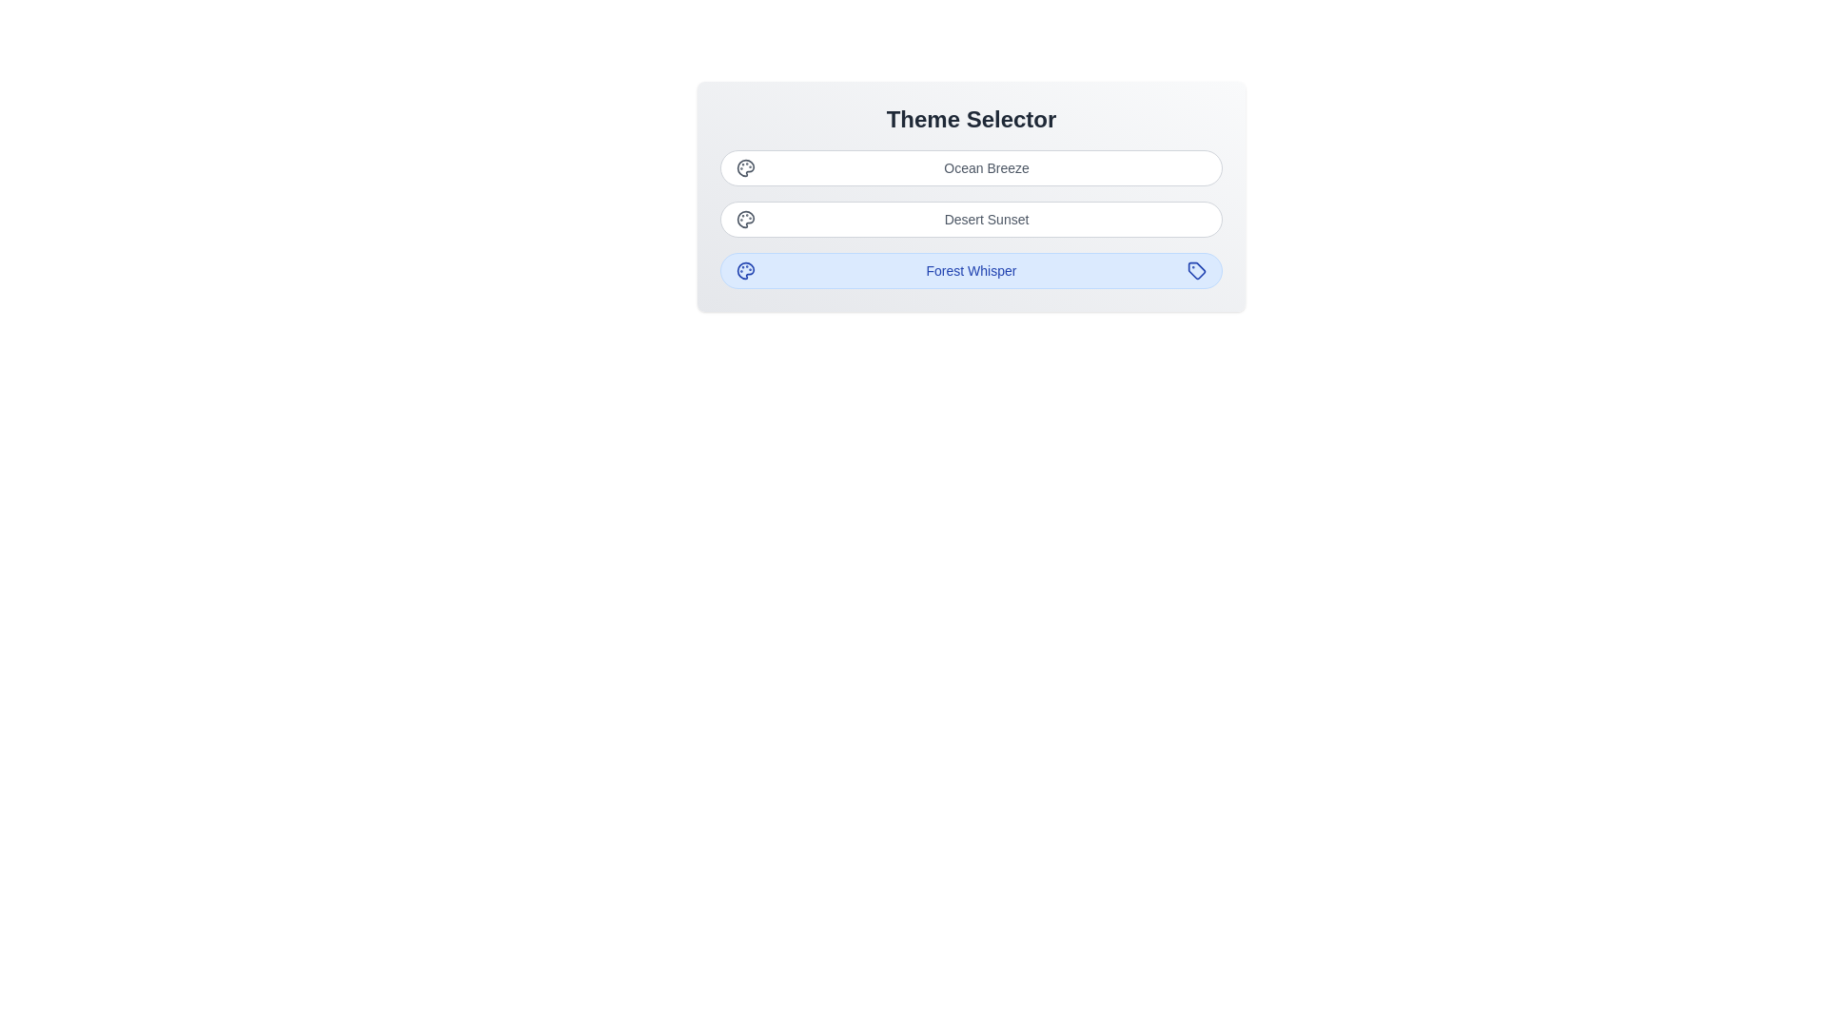  Describe the element at coordinates (972, 219) in the screenshot. I see `the button corresponding to the theme Desert Sunset` at that location.